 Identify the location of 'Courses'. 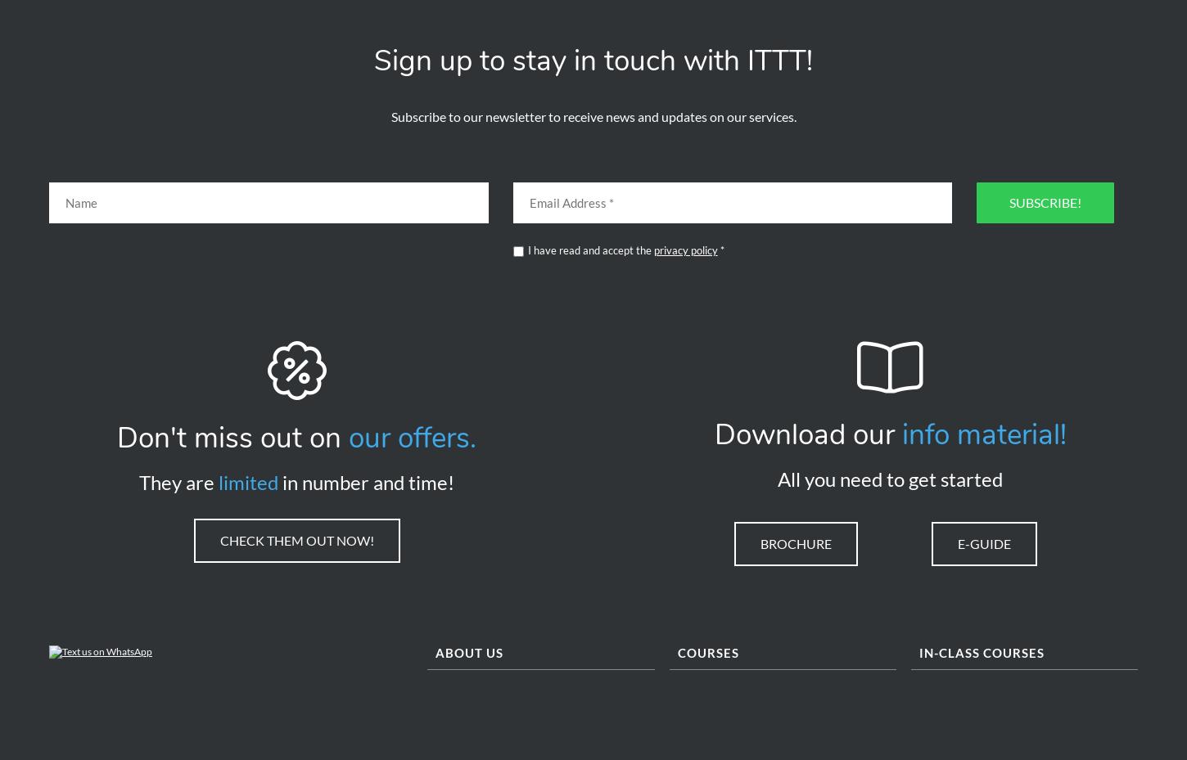
(676, 659).